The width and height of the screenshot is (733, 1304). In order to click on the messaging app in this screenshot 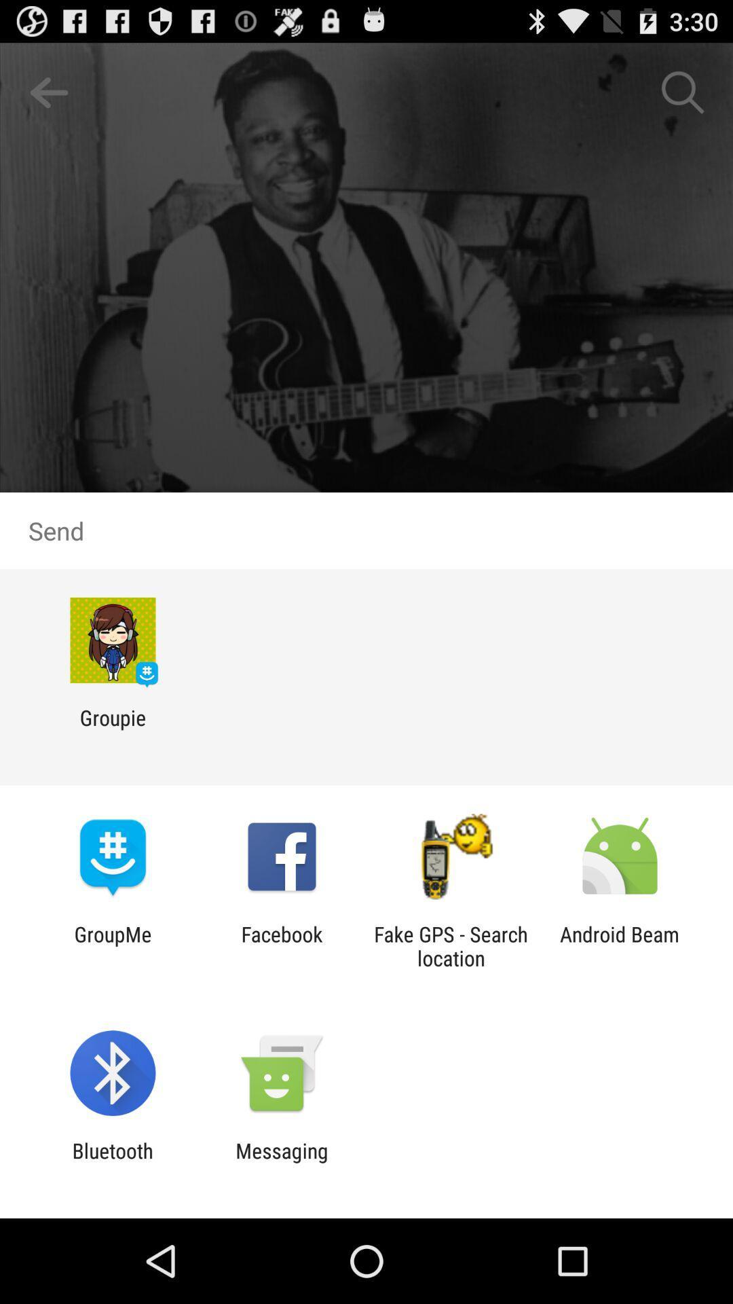, I will do `click(281, 1162)`.